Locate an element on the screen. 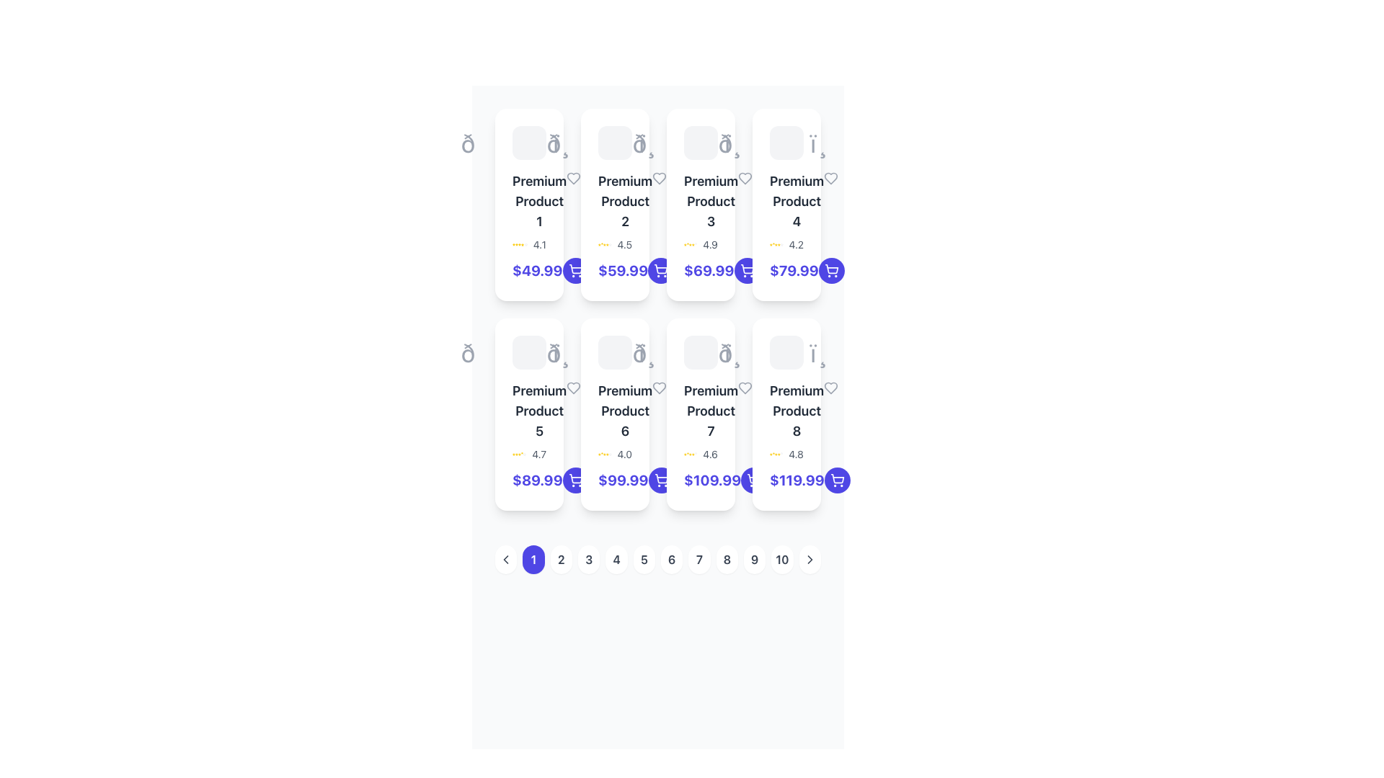 The image size is (1384, 778). first filled yellow star icon located next to the text '4.7' in the fifth product card from the left in the second row is located at coordinates (513, 455).